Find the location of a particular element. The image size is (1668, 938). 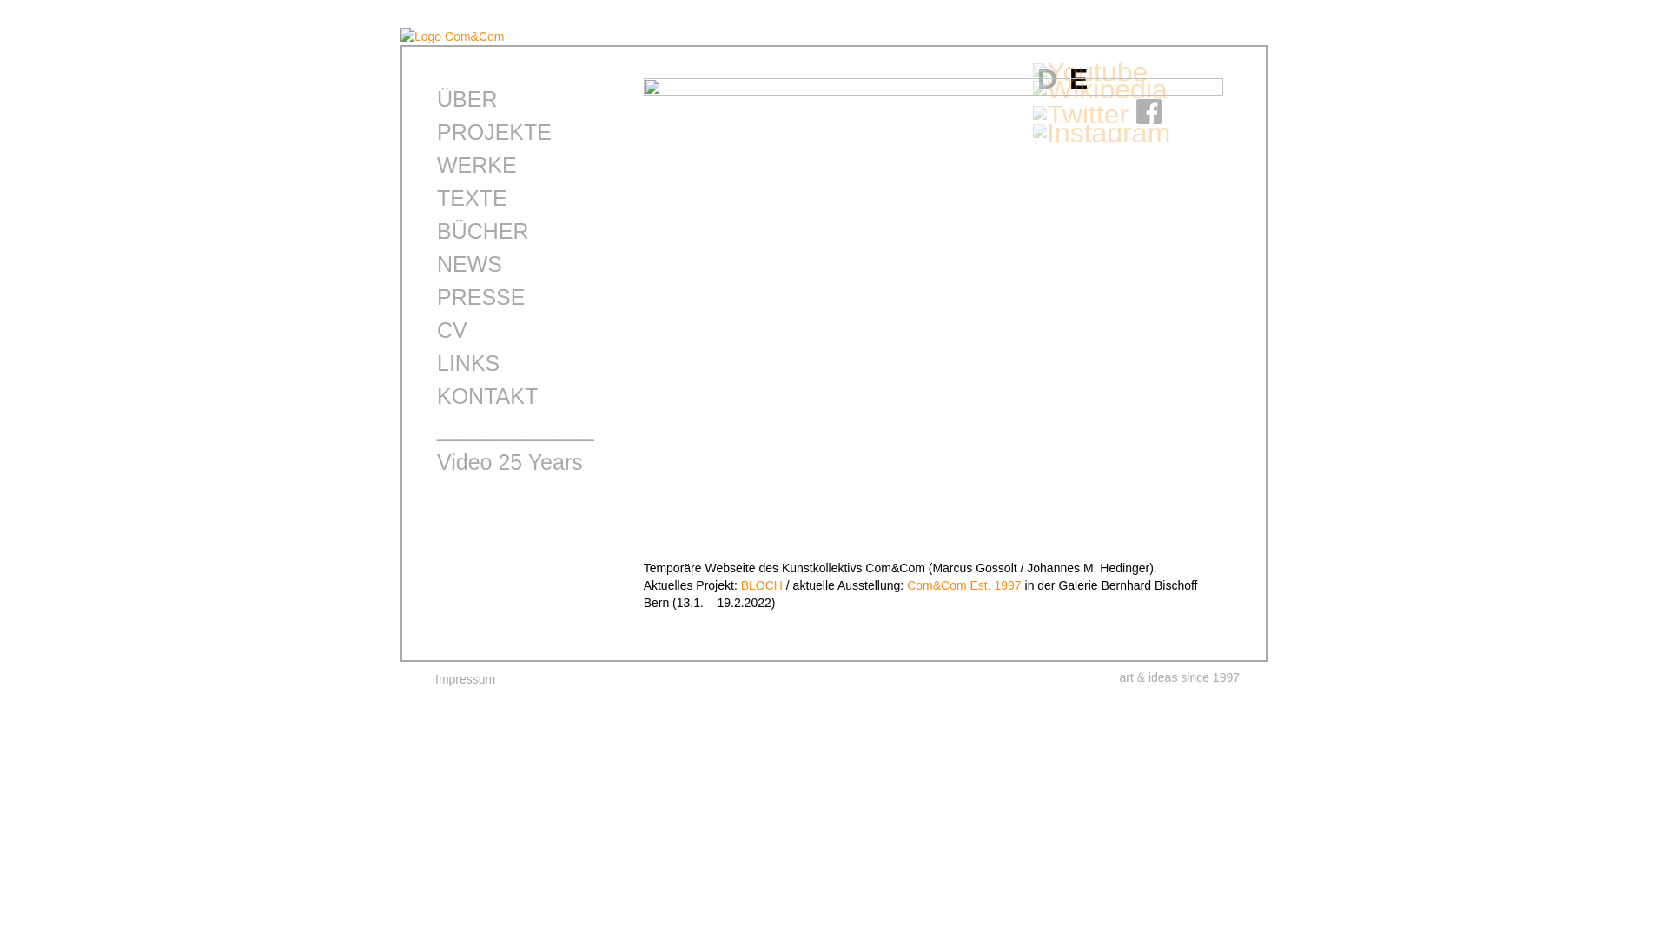

'TEXTE' is located at coordinates (472, 196).